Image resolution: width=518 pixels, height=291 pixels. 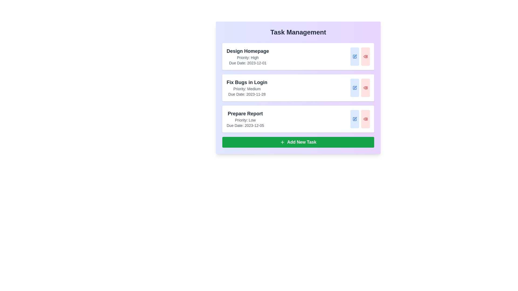 What do you see at coordinates (365, 88) in the screenshot?
I see `the delete button for the task titled 'Fix Bugs in Login'` at bounding box center [365, 88].